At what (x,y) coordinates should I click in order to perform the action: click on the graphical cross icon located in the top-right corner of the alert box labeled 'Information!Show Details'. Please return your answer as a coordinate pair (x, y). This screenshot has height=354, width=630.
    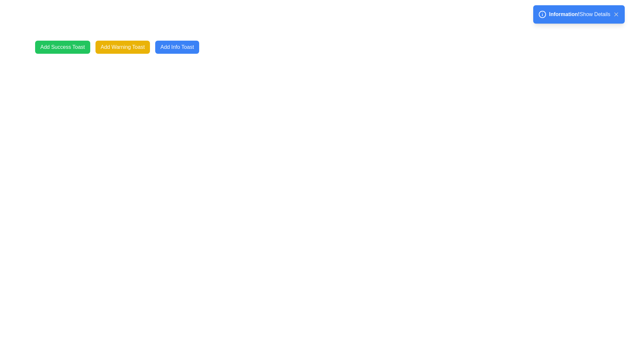
    Looking at the image, I should click on (616, 14).